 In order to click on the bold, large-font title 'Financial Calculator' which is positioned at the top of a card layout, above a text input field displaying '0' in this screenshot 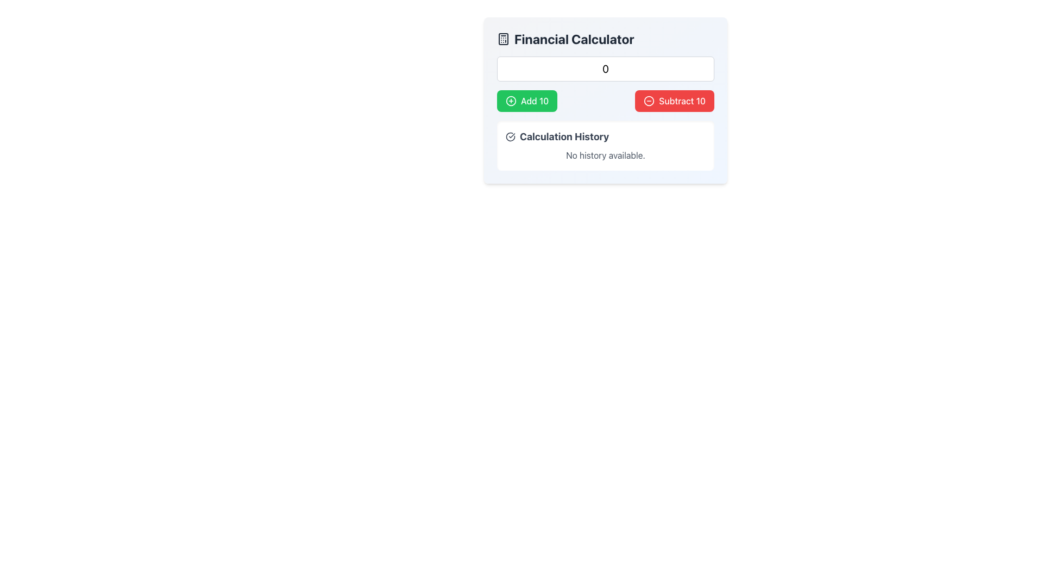, I will do `click(605, 39)`.